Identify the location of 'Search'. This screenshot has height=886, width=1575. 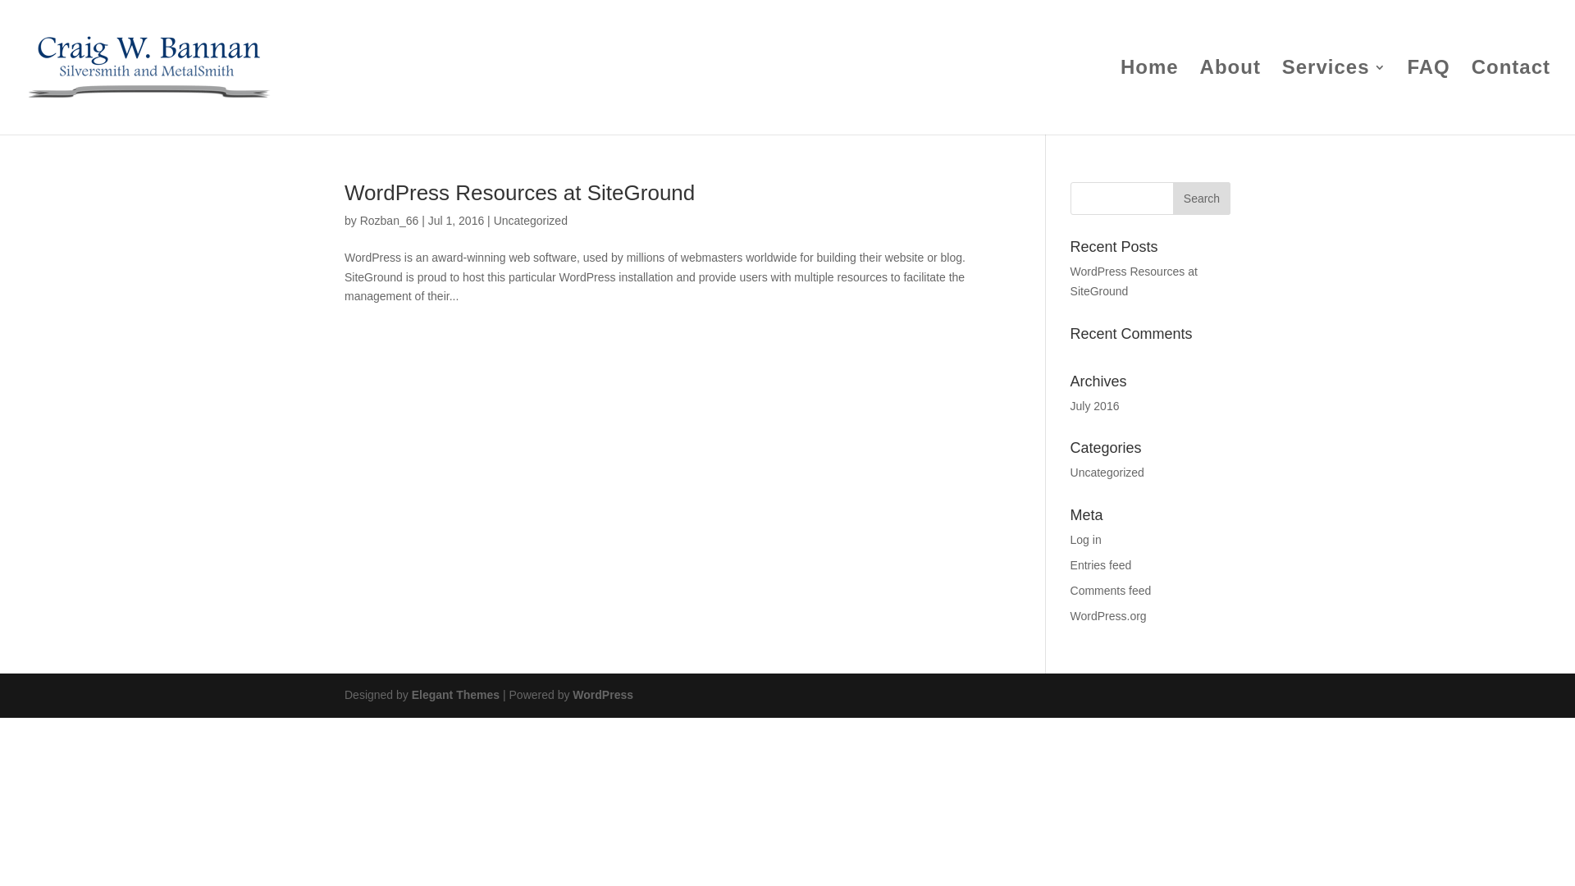
(1201, 198).